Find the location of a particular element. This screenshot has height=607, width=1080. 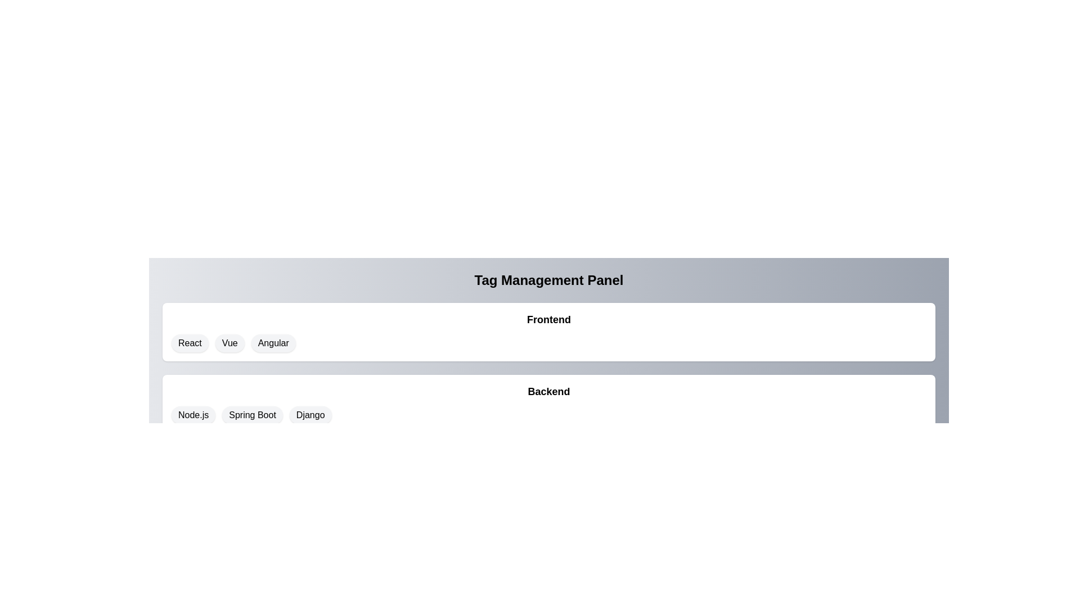

the 'Backend' heading, which is displayed in bold and larger font, to read the text is located at coordinates (548, 391).